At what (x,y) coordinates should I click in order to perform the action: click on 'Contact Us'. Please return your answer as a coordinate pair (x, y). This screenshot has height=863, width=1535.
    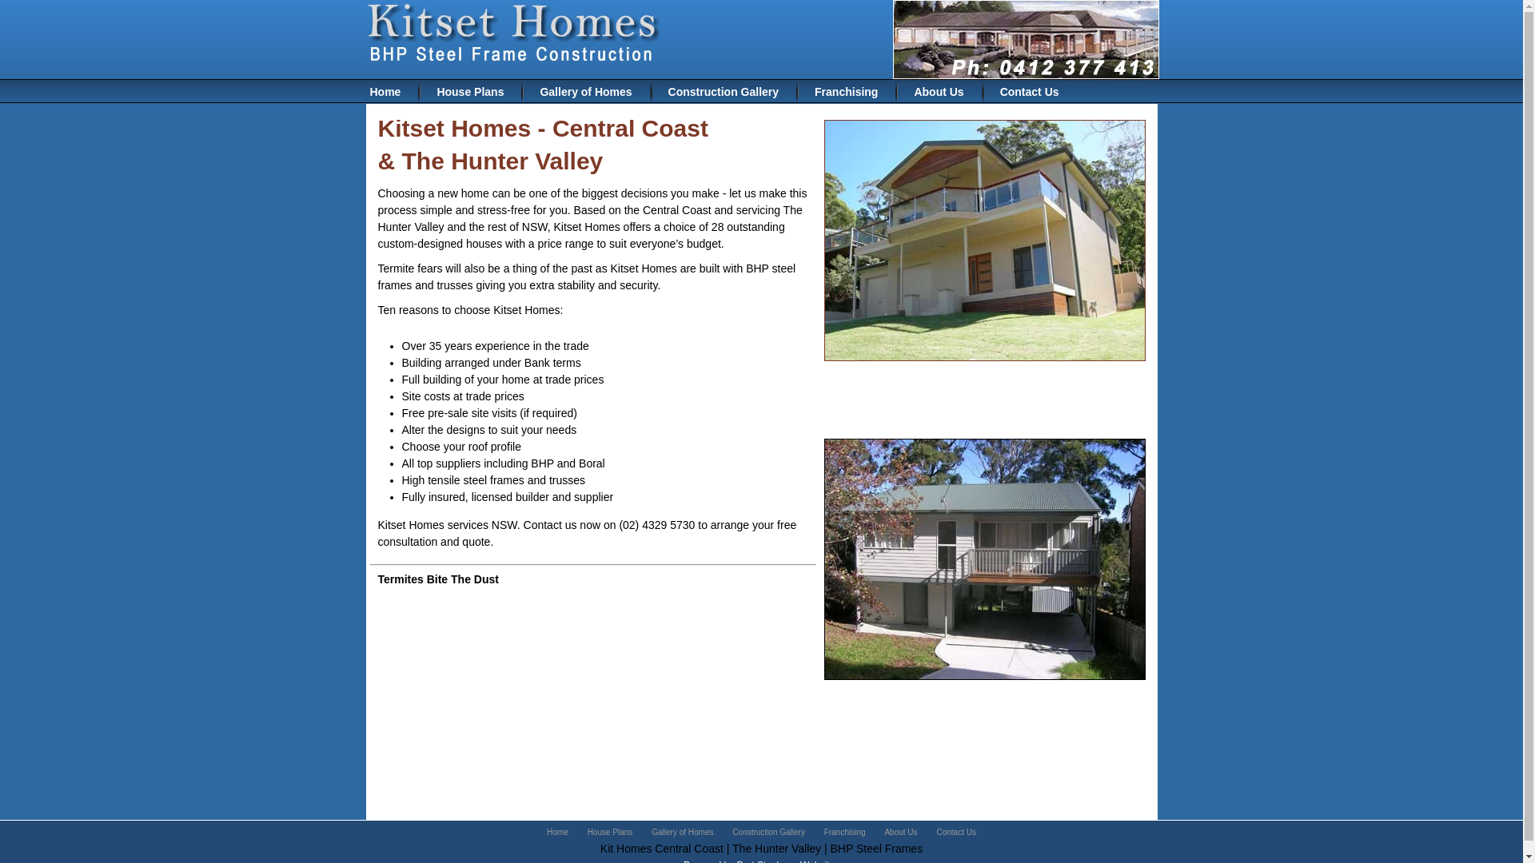
    Looking at the image, I should click on (983, 92).